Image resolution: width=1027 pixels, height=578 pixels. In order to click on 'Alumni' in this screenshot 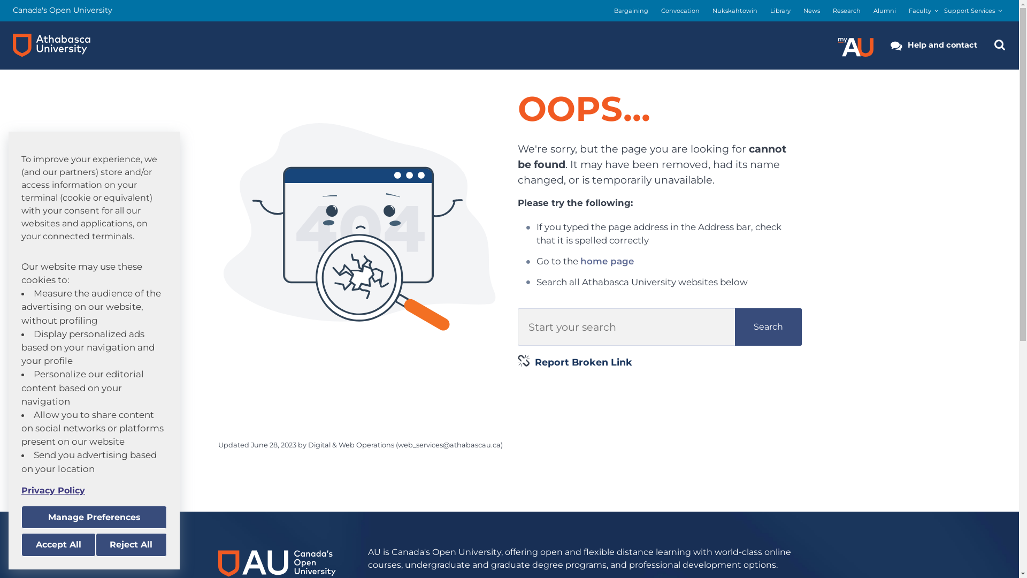, I will do `click(885, 11)`.